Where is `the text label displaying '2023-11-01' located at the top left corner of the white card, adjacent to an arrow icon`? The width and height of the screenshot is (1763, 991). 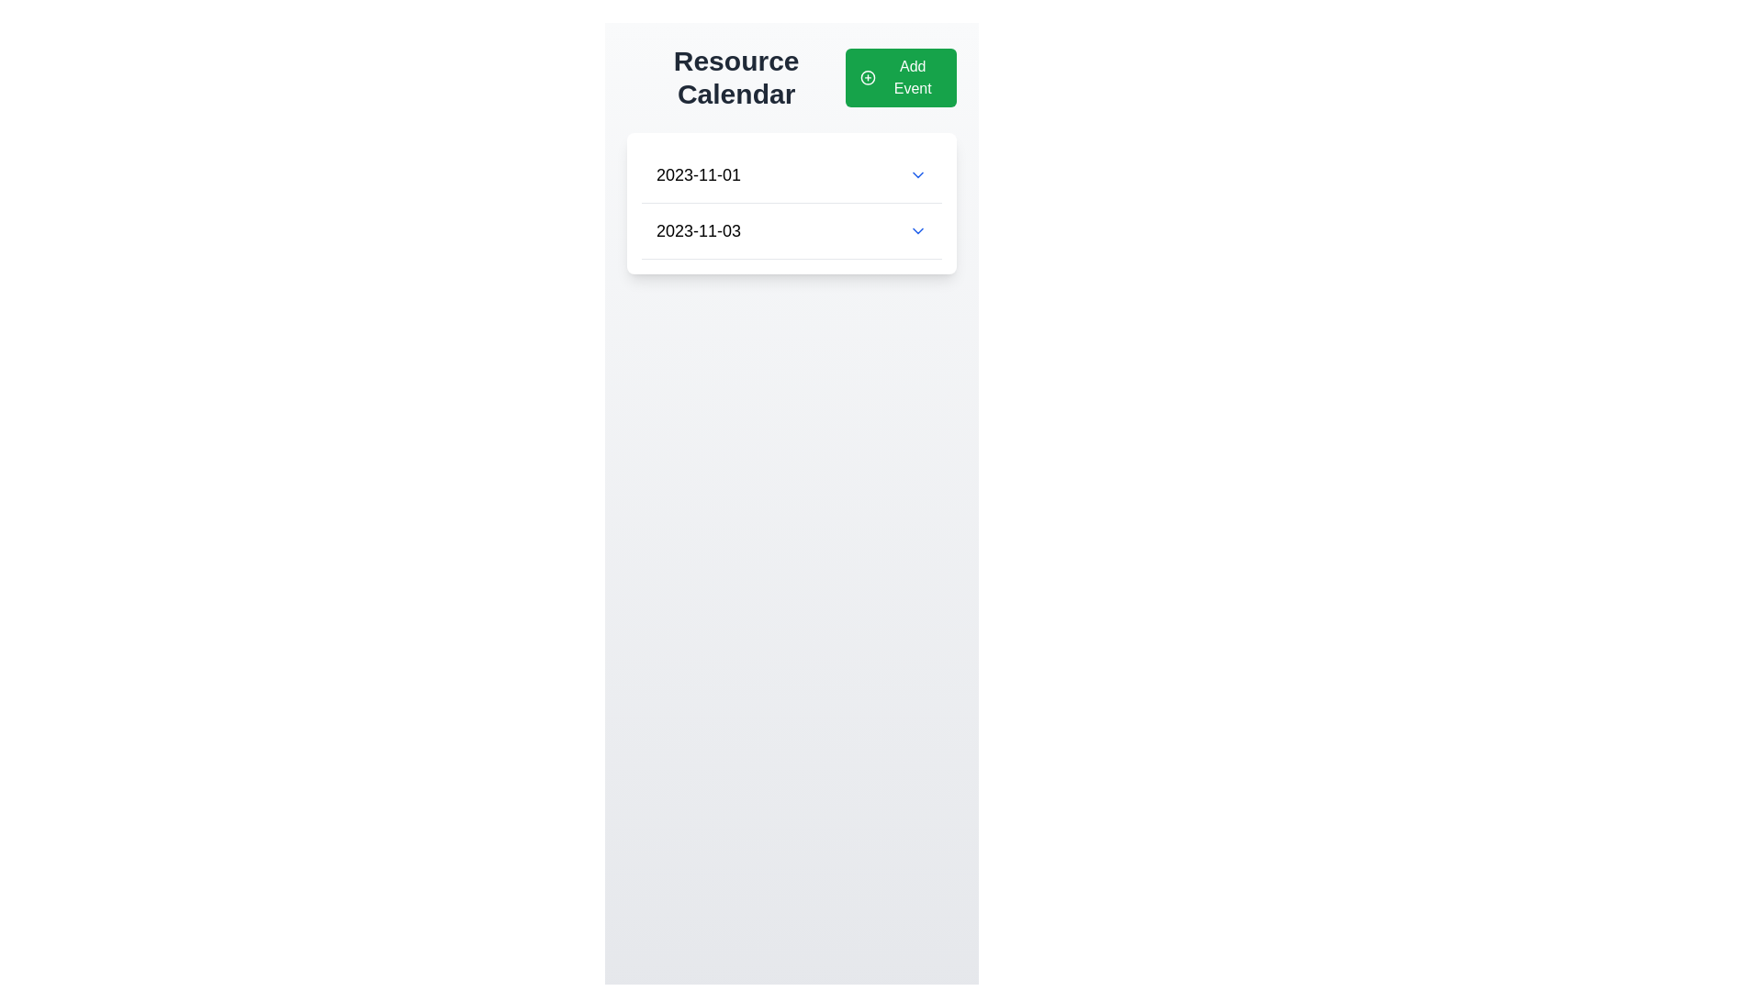
the text label displaying '2023-11-01' located at the top left corner of the white card, adjacent to an arrow icon is located at coordinates (698, 175).